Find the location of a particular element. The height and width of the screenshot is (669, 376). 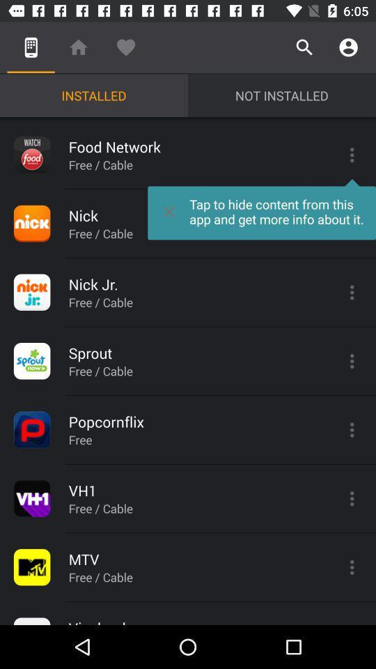

the tap to hide icon is located at coordinates (262, 208).